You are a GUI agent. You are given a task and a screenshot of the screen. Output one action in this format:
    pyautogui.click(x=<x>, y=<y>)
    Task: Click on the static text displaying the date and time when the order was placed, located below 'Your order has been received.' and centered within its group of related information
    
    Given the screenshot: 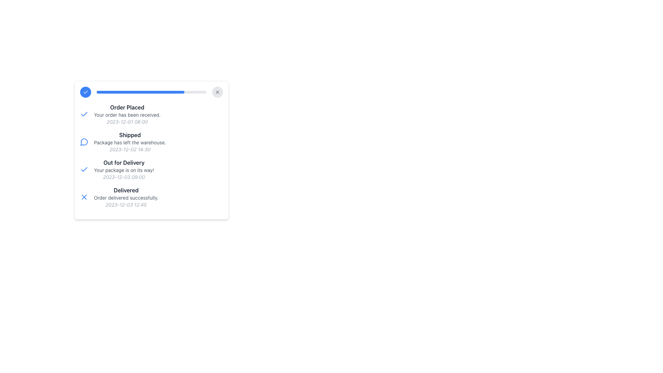 What is the action you would take?
    pyautogui.click(x=127, y=122)
    